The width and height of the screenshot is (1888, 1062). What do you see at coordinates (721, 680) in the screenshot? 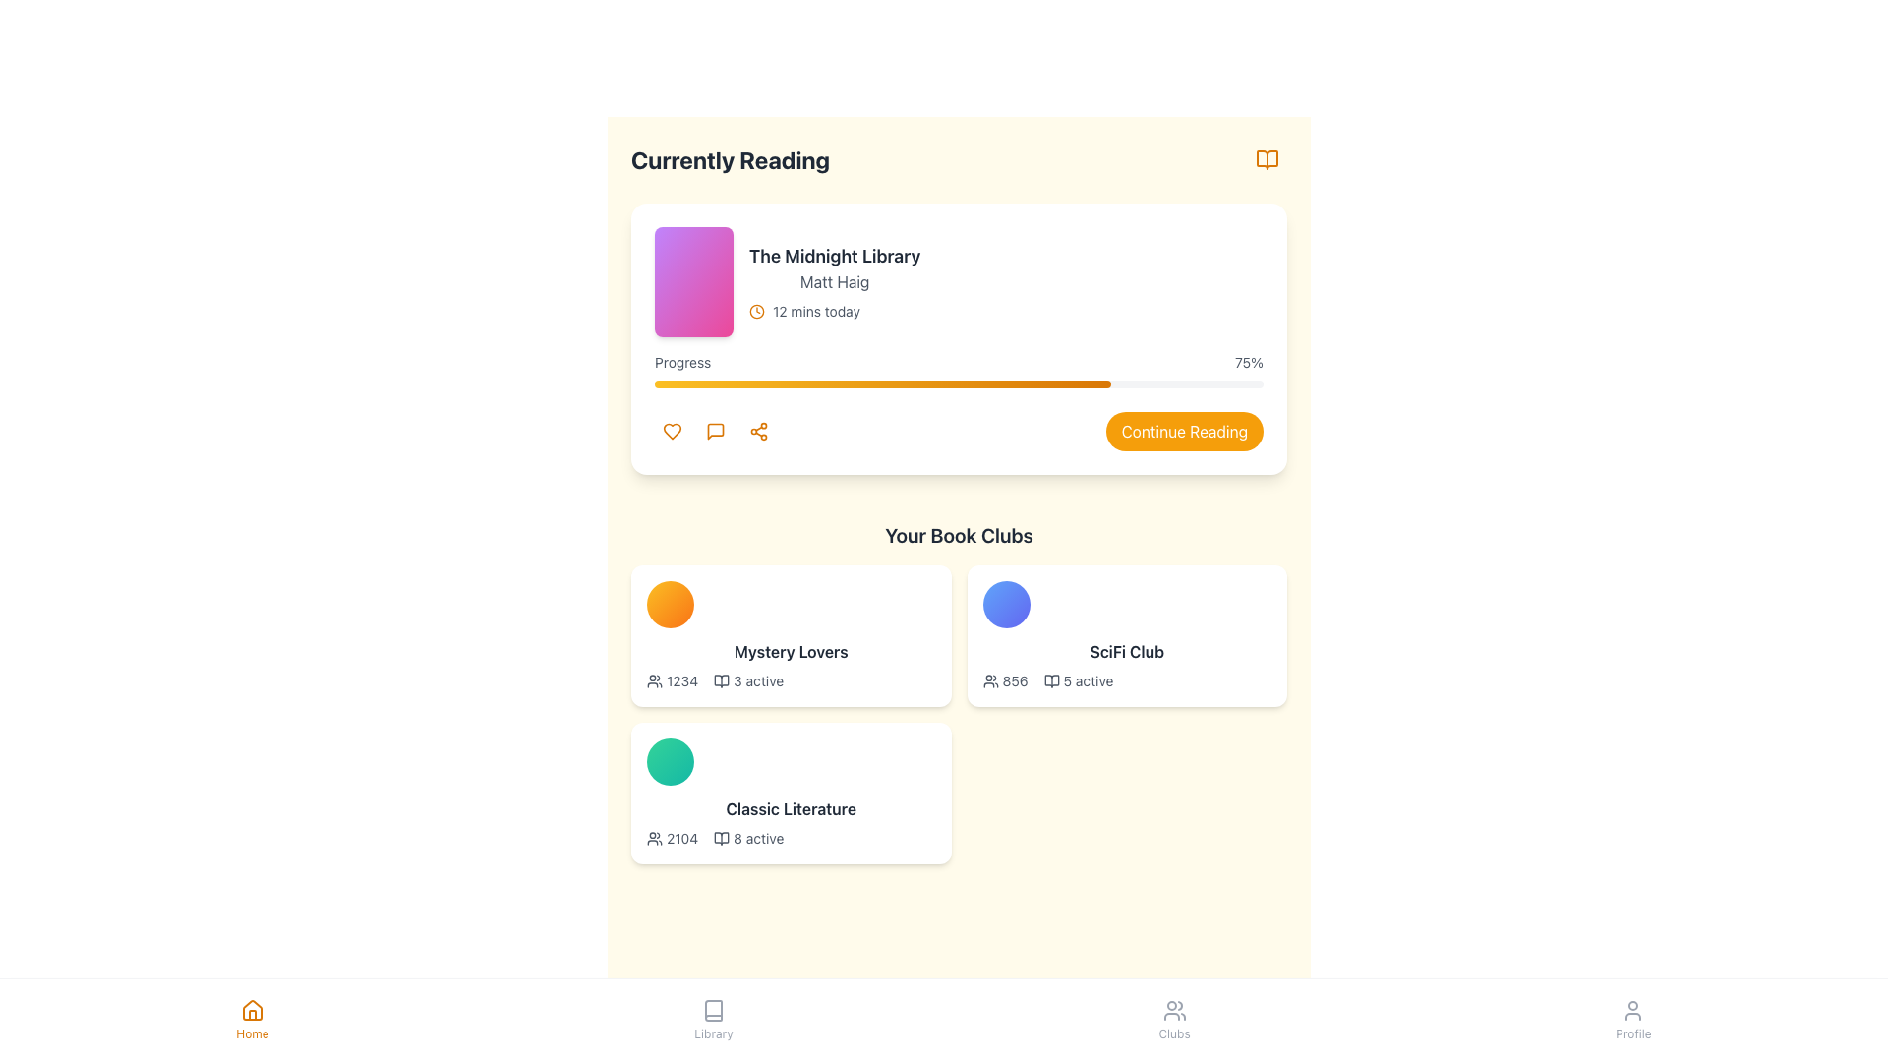
I see `the minimalist open book icon in the top left corner of the 'Mystery Lovers' book club card to interact` at bounding box center [721, 680].